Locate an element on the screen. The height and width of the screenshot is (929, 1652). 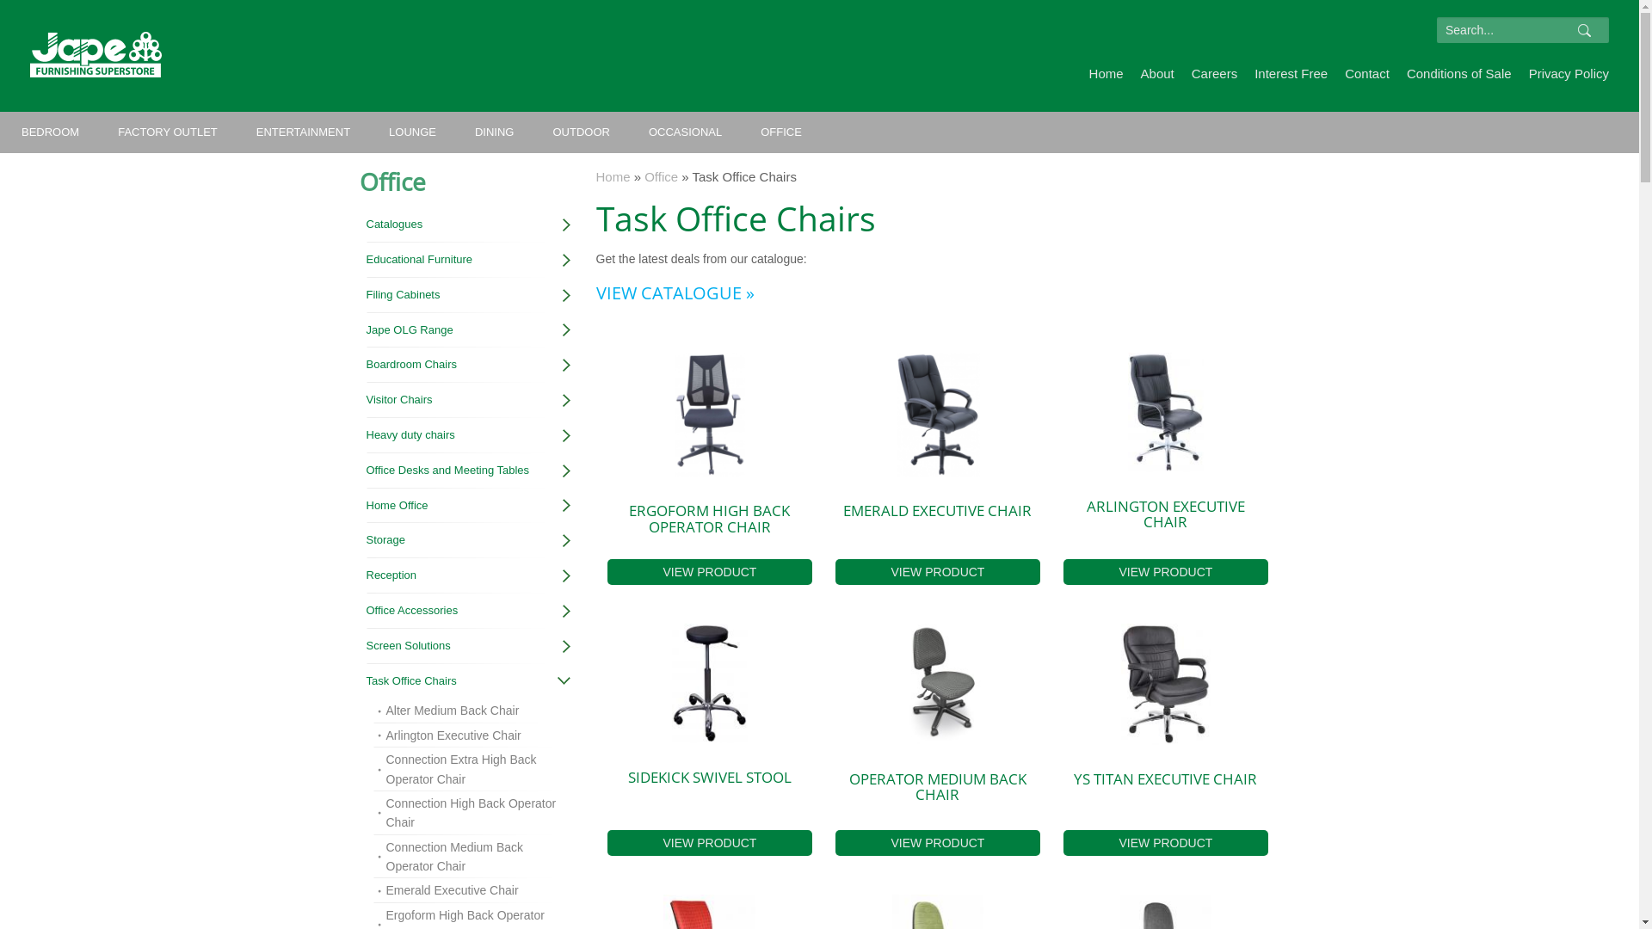
'Ergoform High Back Operator Chair Front' is located at coordinates (643, 415).